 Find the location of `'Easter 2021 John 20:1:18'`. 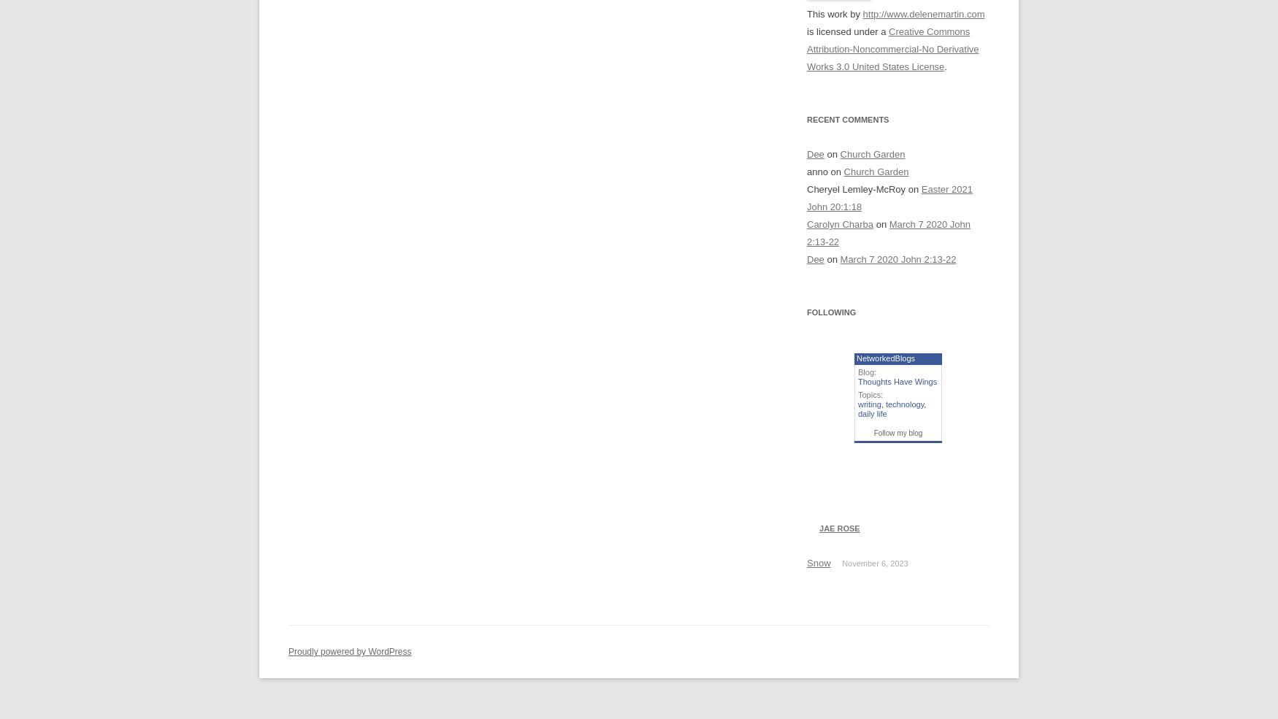

'Easter 2021 John 20:1:18' is located at coordinates (889, 197).